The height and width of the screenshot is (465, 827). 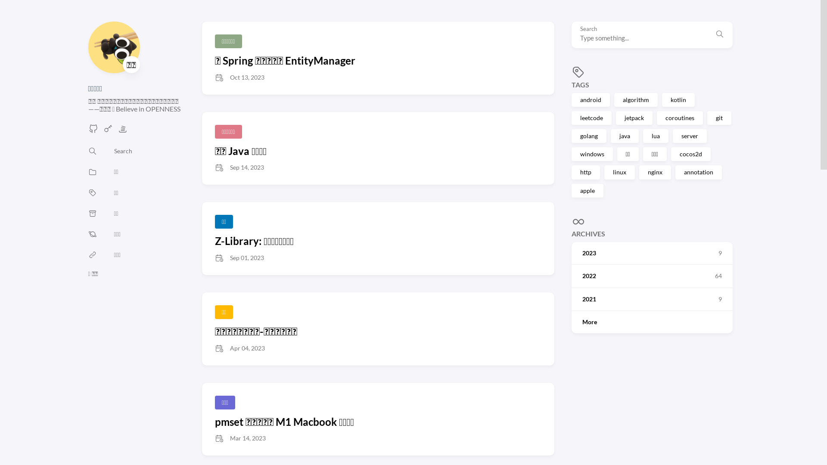 I want to click on 'java', so click(x=625, y=136).